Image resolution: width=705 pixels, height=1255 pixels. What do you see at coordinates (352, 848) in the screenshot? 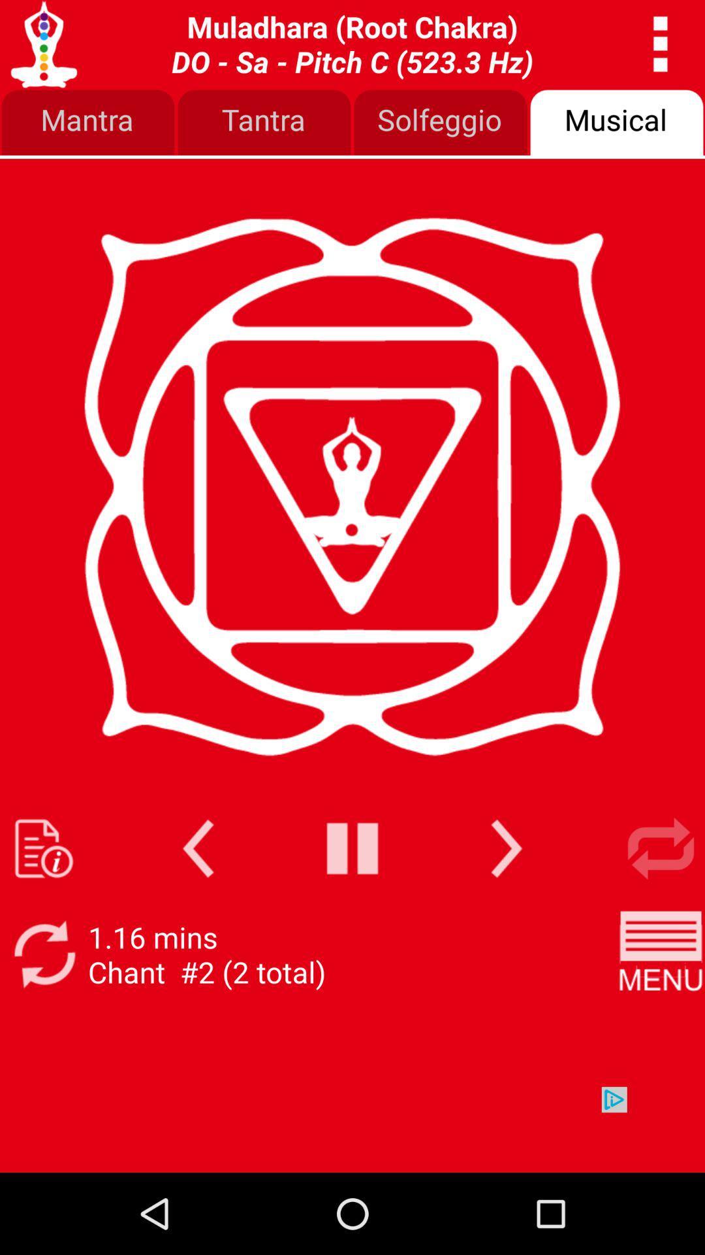
I see `pause` at bounding box center [352, 848].